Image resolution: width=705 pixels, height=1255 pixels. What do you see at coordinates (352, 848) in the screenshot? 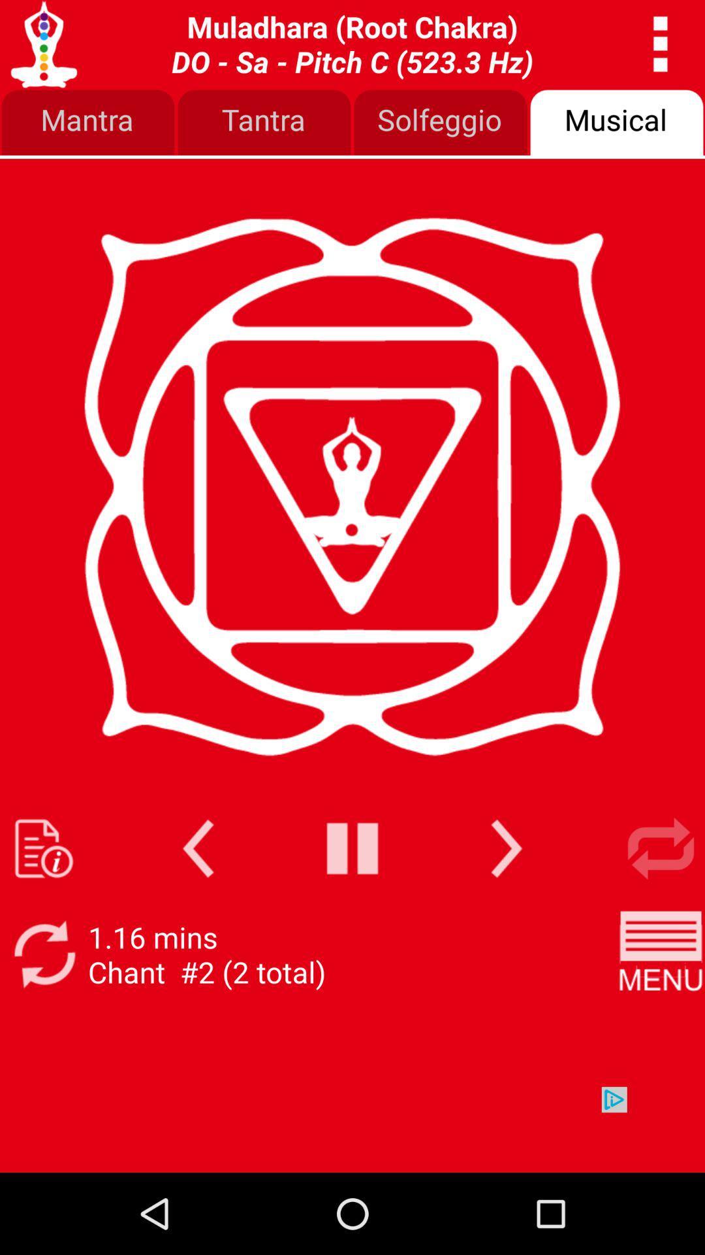
I see `pause` at bounding box center [352, 848].